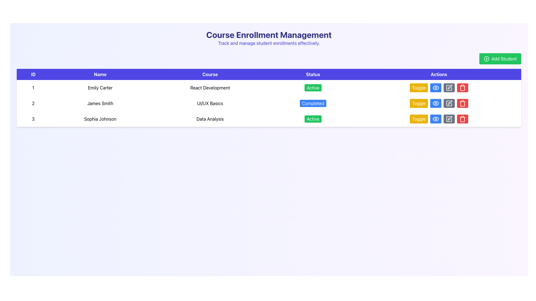 This screenshot has height=301, width=536. I want to click on the 'Toggle' button with a yellow background and white text located in the first row of the 'Actions' column in a table-like structure for keyboard navigation, so click(419, 88).